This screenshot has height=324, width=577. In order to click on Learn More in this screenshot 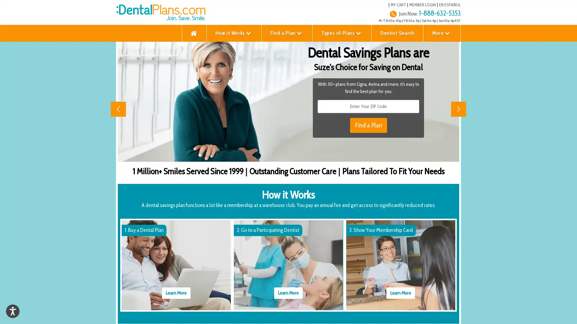, I will do `click(176, 292)`.